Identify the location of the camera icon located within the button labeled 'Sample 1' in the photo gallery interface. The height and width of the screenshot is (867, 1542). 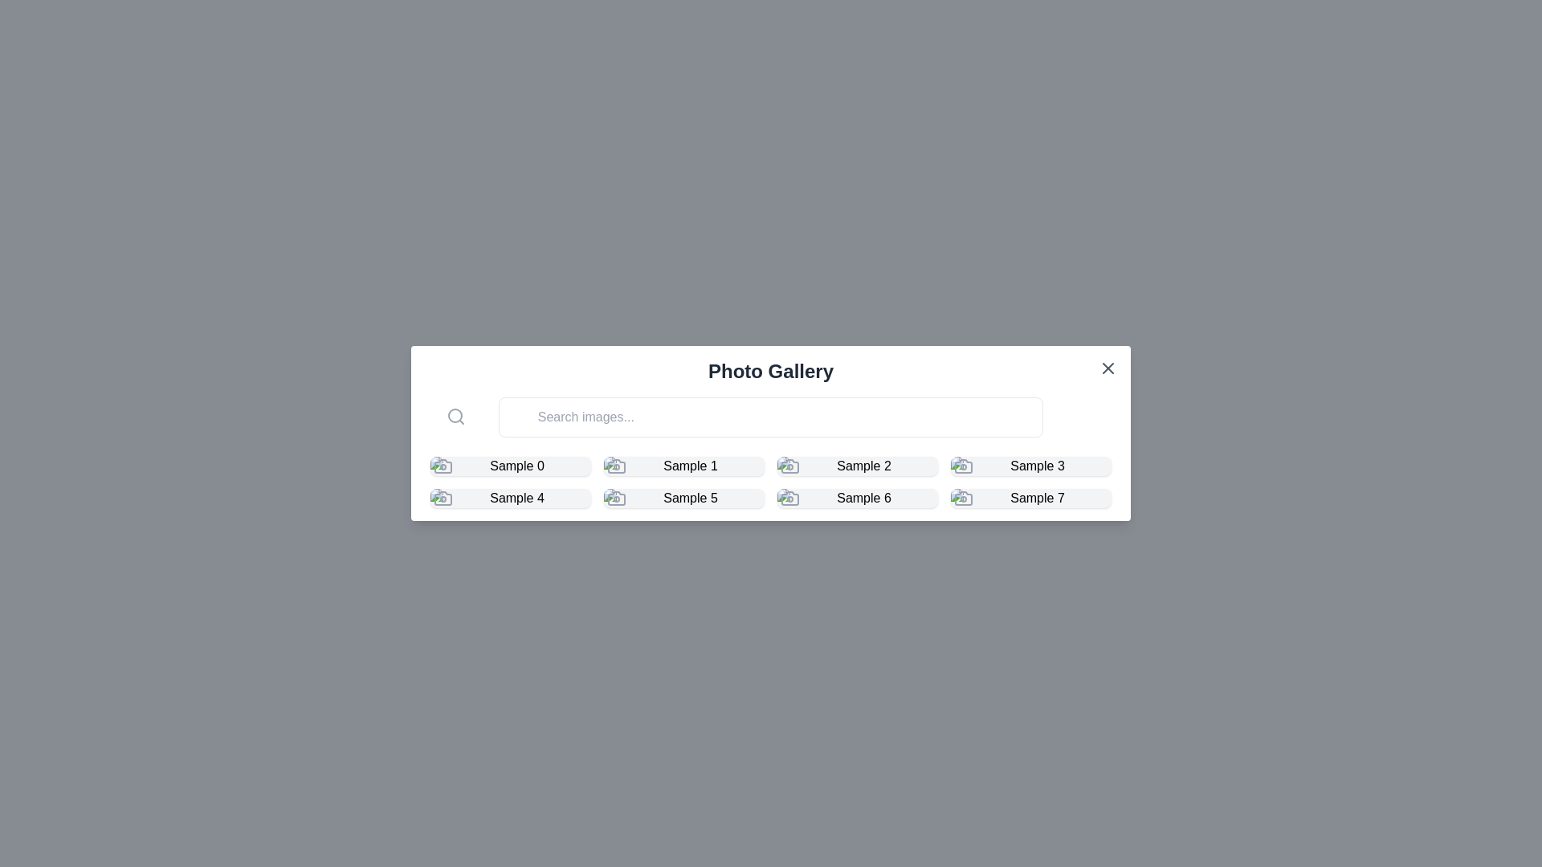
(616, 466).